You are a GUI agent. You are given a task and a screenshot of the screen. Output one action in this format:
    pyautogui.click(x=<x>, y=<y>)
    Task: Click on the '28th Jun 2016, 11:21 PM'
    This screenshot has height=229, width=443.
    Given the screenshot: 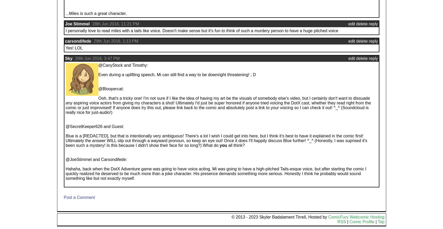 What is the action you would take?
    pyautogui.click(x=115, y=24)
    